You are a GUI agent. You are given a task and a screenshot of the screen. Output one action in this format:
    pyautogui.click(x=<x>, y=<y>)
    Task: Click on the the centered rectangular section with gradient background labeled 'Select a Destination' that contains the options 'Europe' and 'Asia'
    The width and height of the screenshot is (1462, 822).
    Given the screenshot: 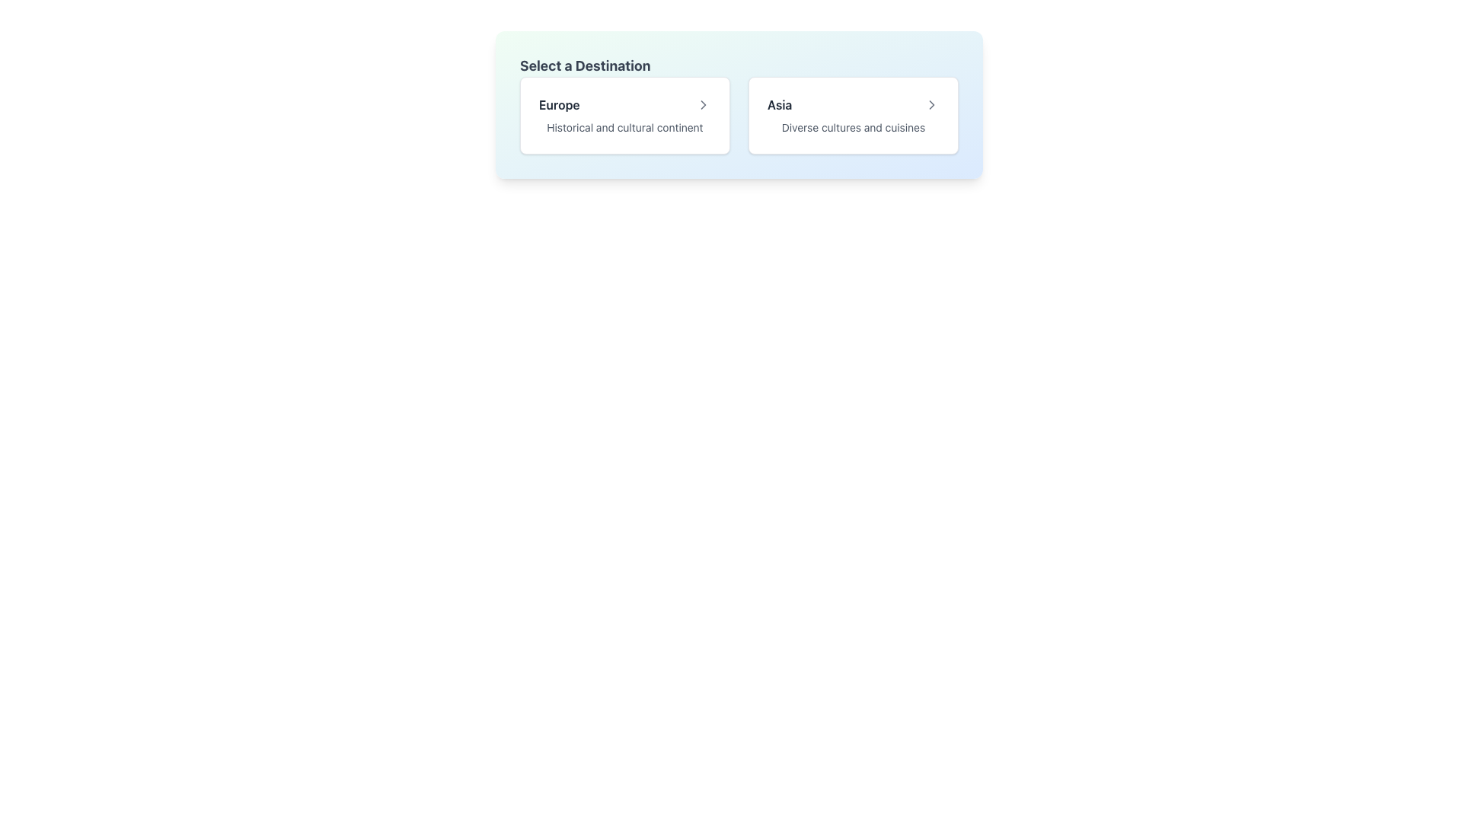 What is the action you would take?
    pyautogui.click(x=739, y=104)
    